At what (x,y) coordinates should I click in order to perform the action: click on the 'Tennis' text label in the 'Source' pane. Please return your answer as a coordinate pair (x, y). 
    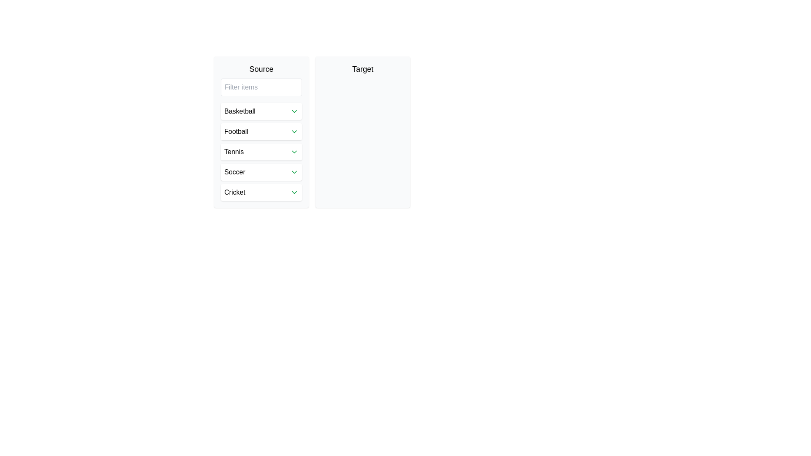
    Looking at the image, I should click on (234, 151).